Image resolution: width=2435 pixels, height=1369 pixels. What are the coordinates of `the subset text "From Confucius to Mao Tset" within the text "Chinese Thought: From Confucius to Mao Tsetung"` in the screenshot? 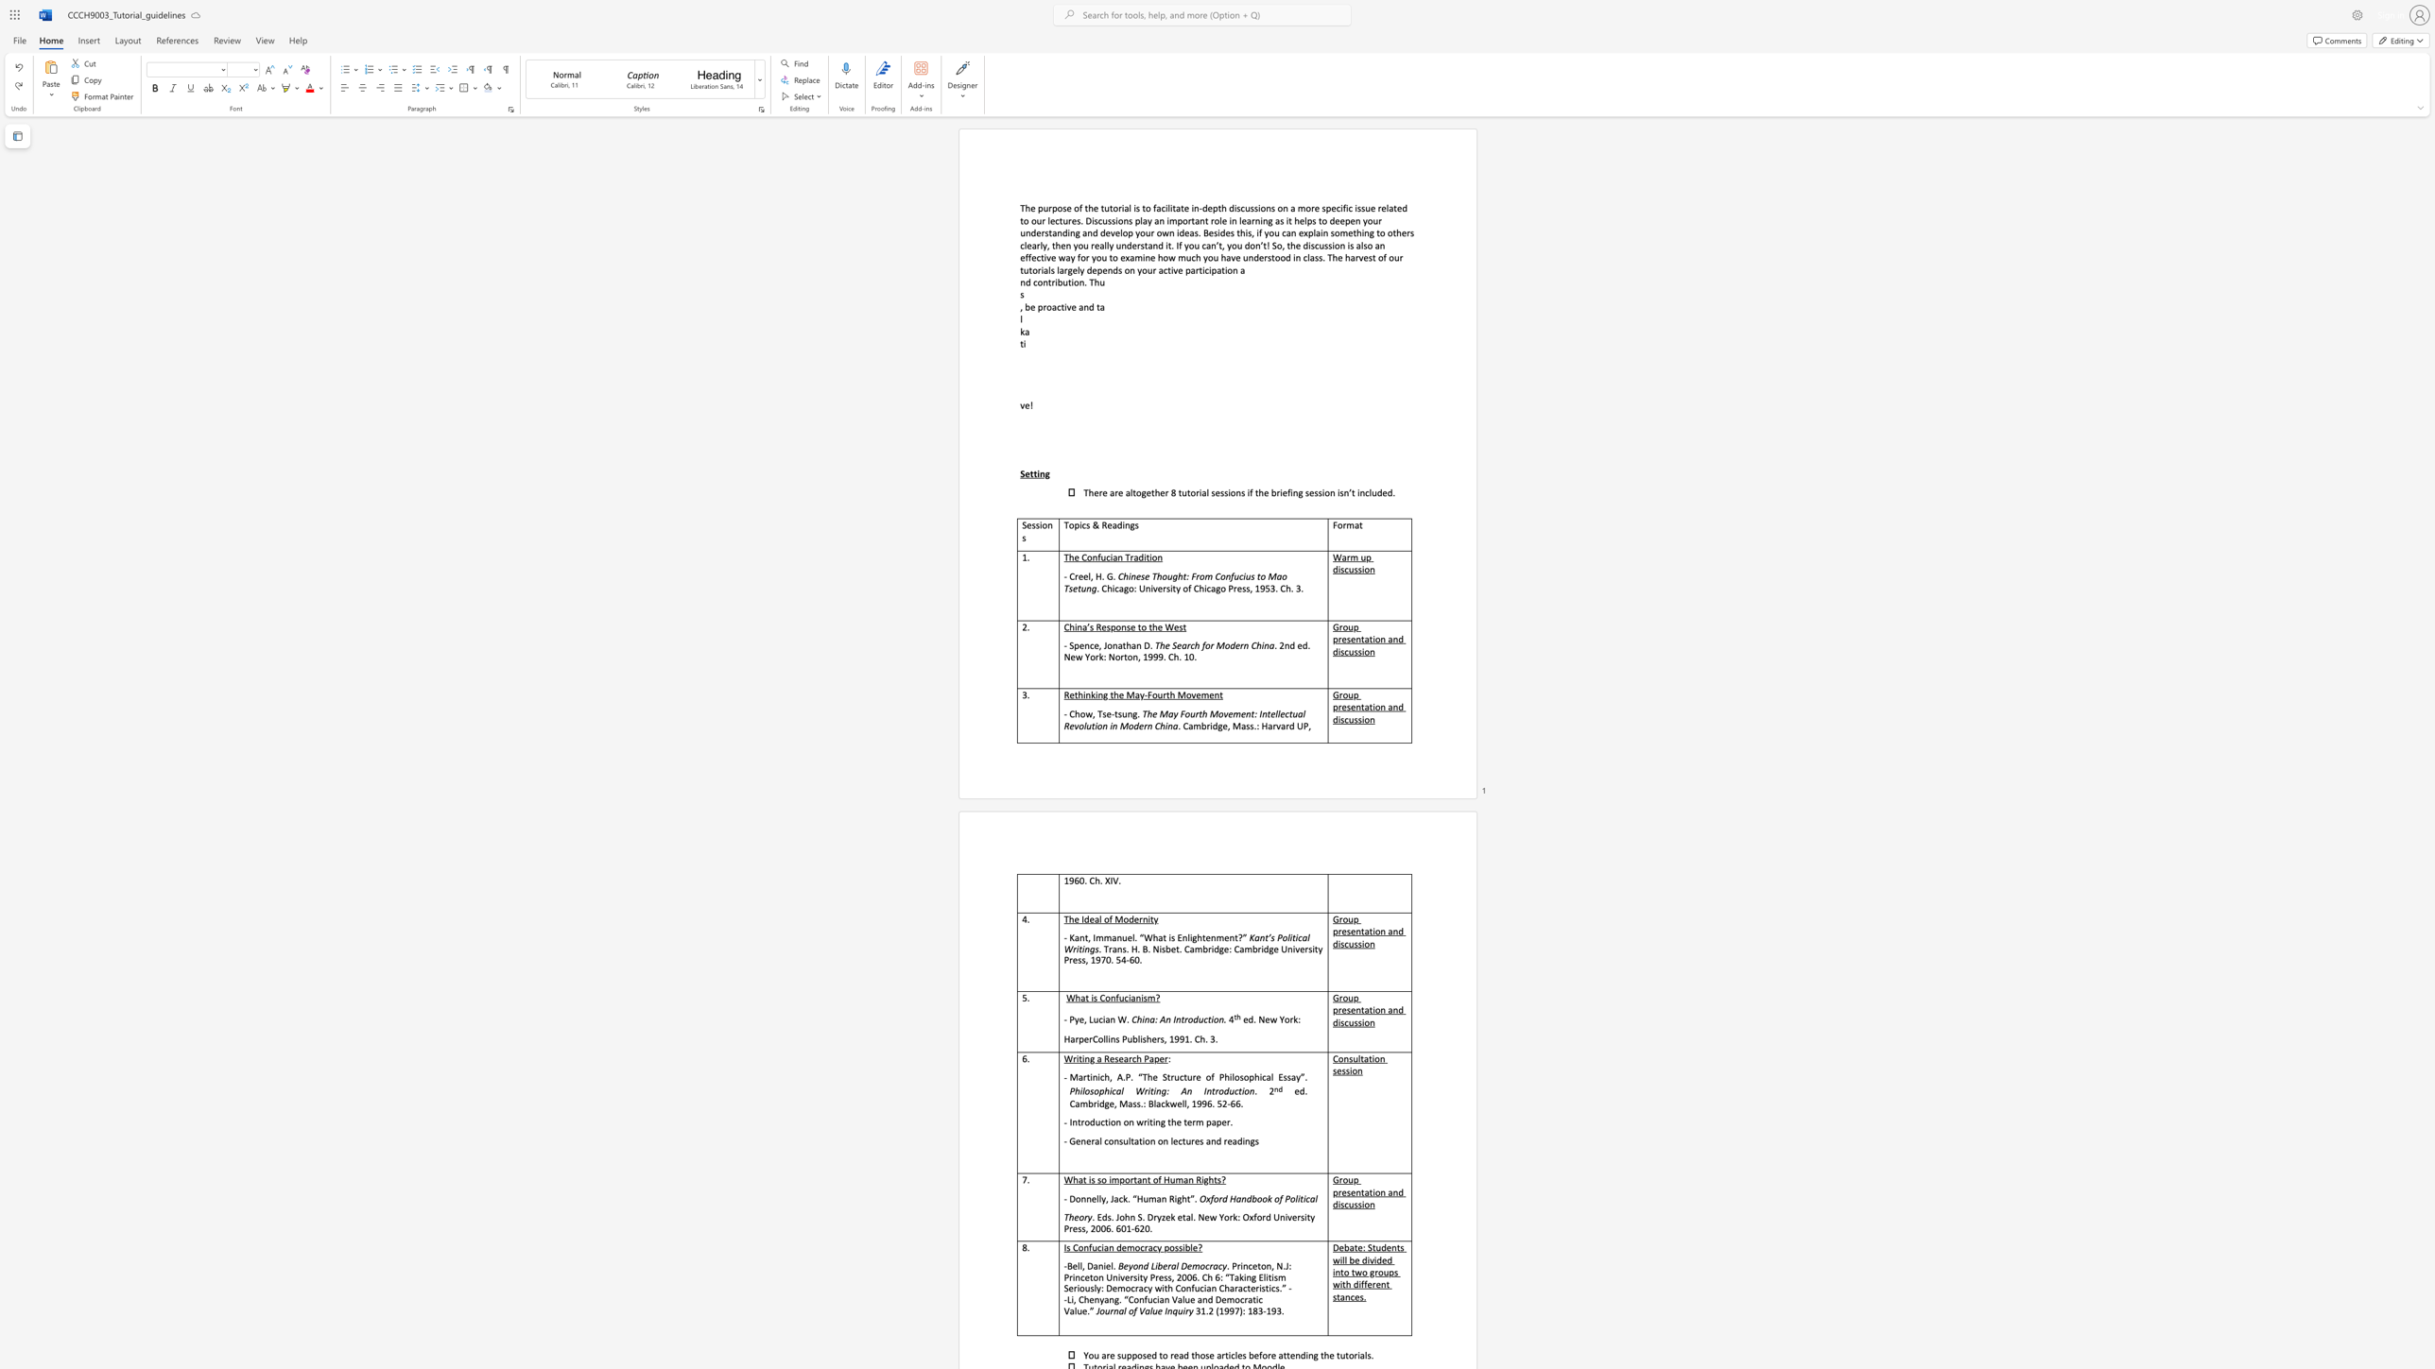 It's located at (1189, 574).